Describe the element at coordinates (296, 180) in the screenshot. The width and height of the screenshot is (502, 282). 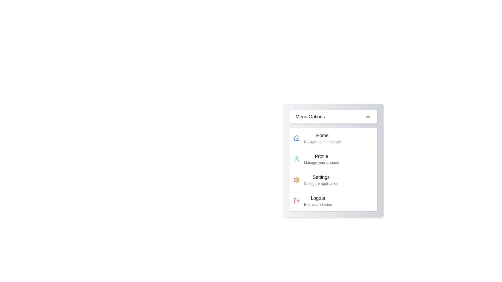
I see `the 'Settings' icon, which is the third item in the vertical list of navigation buttons within the menu panel` at that location.